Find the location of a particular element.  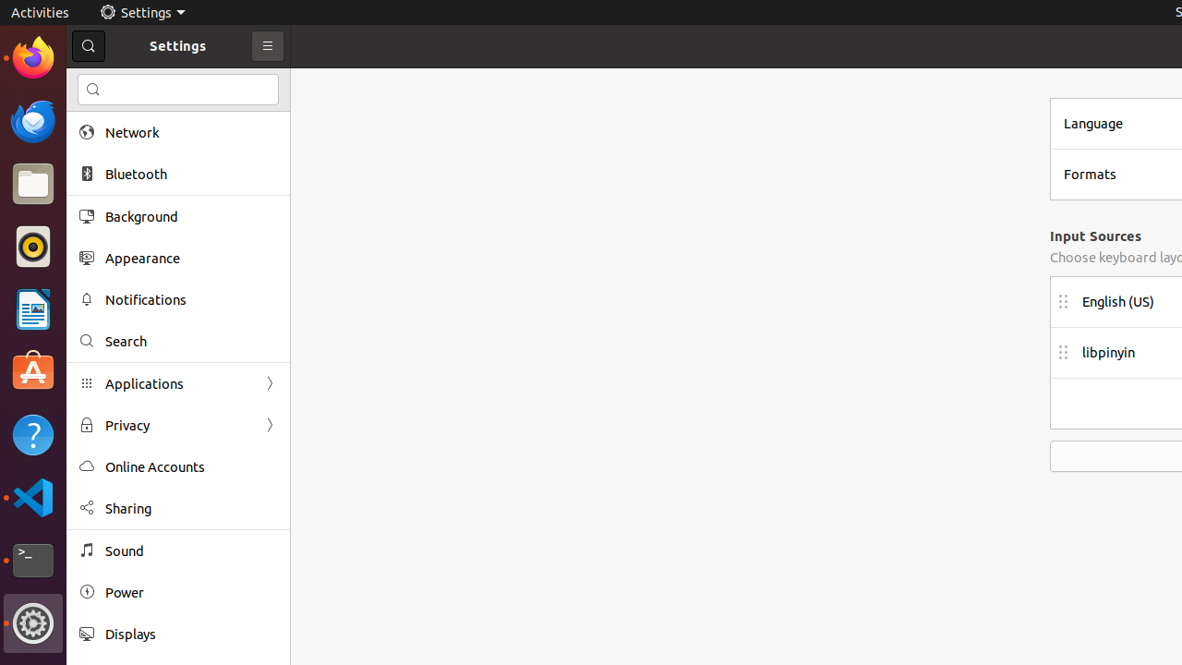

'Applications' is located at coordinates (178, 382).